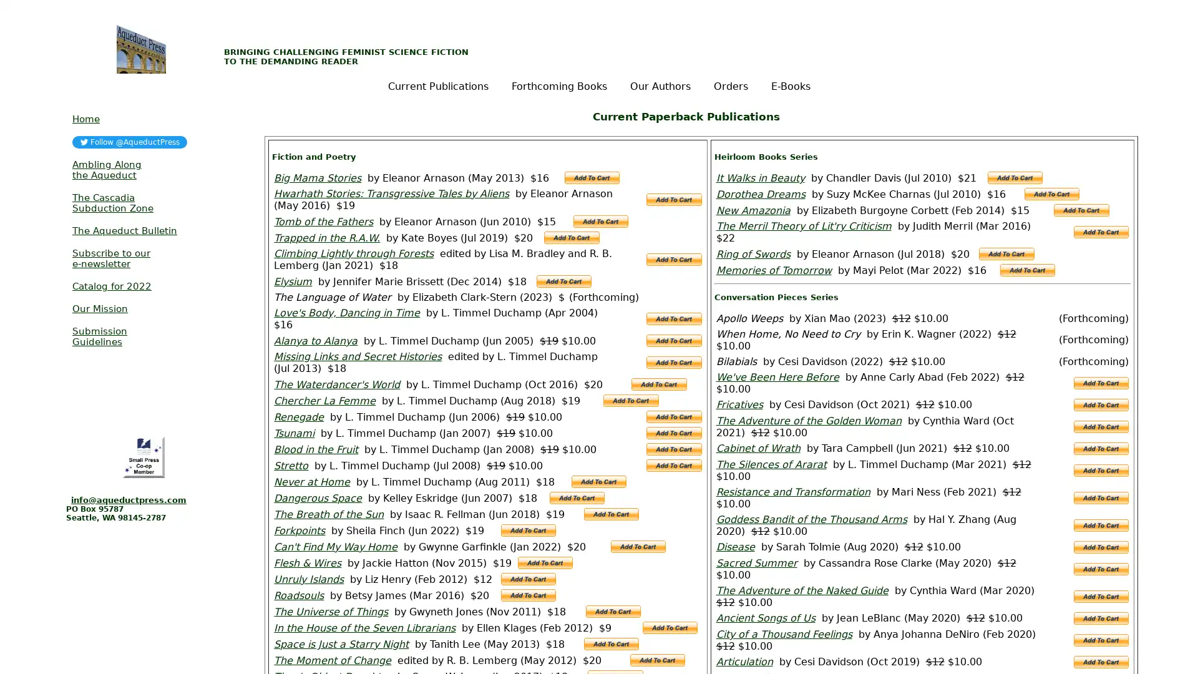 This screenshot has height=674, width=1198. I want to click on Make payments with PayPal - it\'s fast, free and secure!, so click(673, 199).